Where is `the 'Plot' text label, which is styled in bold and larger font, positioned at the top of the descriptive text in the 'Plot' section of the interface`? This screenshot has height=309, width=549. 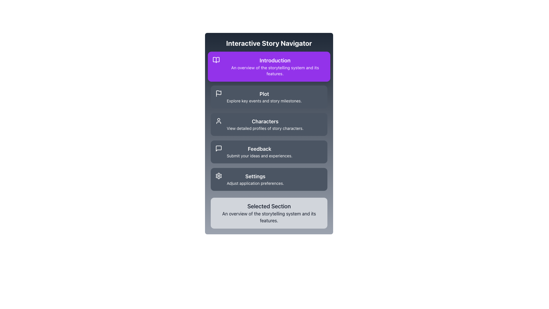 the 'Plot' text label, which is styled in bold and larger font, positioned at the top of the descriptive text in the 'Plot' section of the interface is located at coordinates (264, 94).